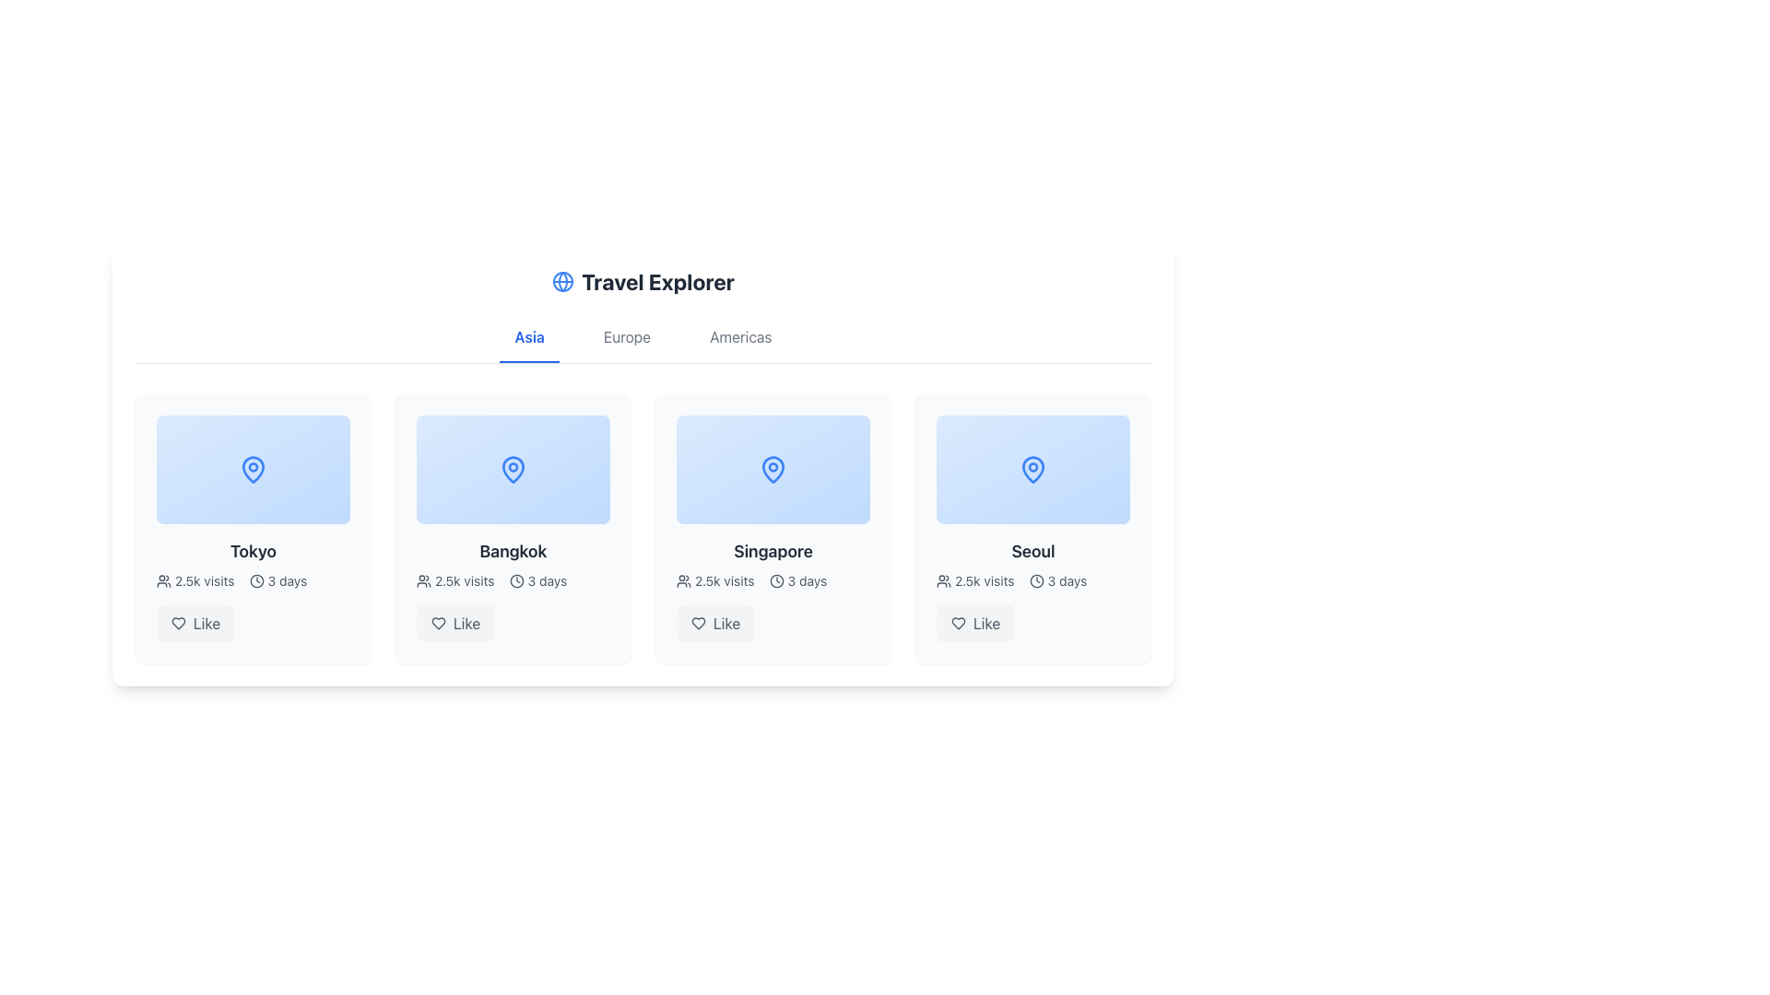 The image size is (1770, 995). What do you see at coordinates (252, 468) in the screenshot?
I see `the blue location marker icon centered in the upper half of the Tokyo travel destination card` at bounding box center [252, 468].